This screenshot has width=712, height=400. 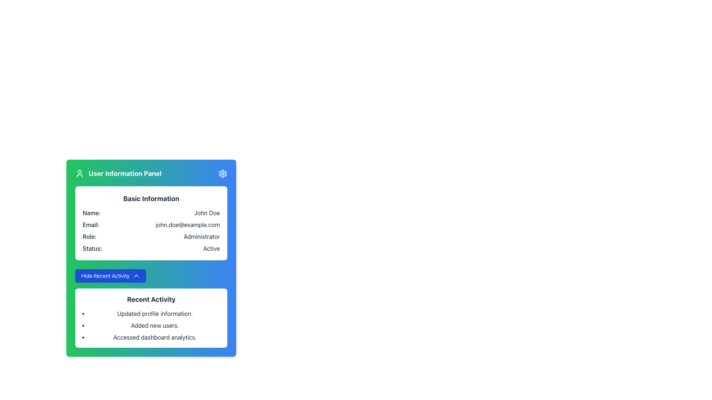 I want to click on the 'Active' static text label indicating the user's status in the 'Basic Information' section, so click(x=211, y=249).